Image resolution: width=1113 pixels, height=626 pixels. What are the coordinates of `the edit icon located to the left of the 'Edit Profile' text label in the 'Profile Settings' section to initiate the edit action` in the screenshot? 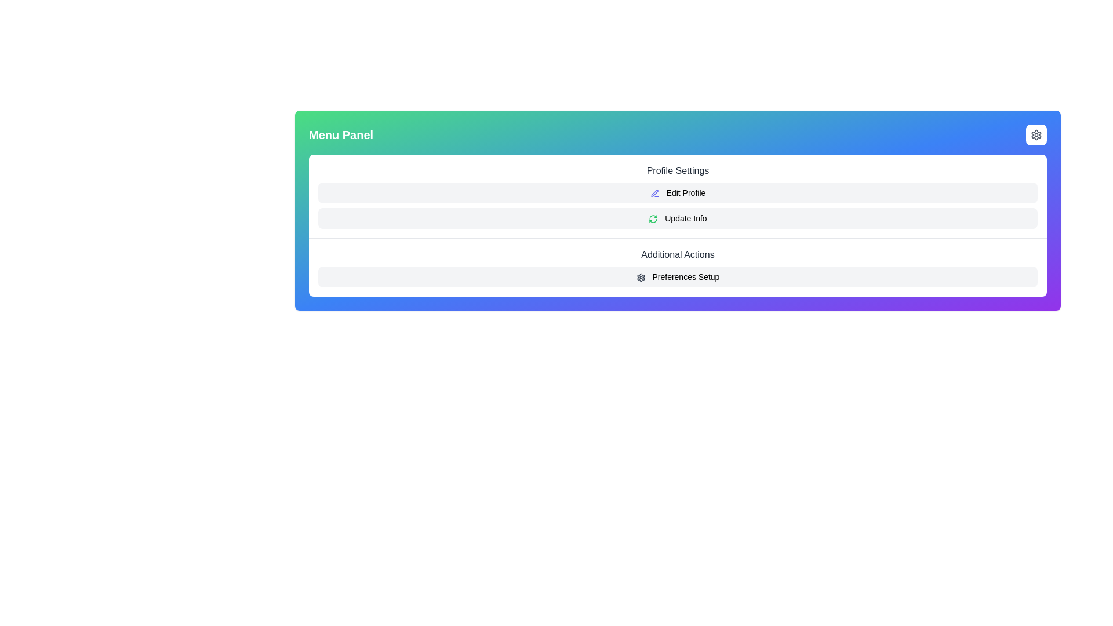 It's located at (654, 193).